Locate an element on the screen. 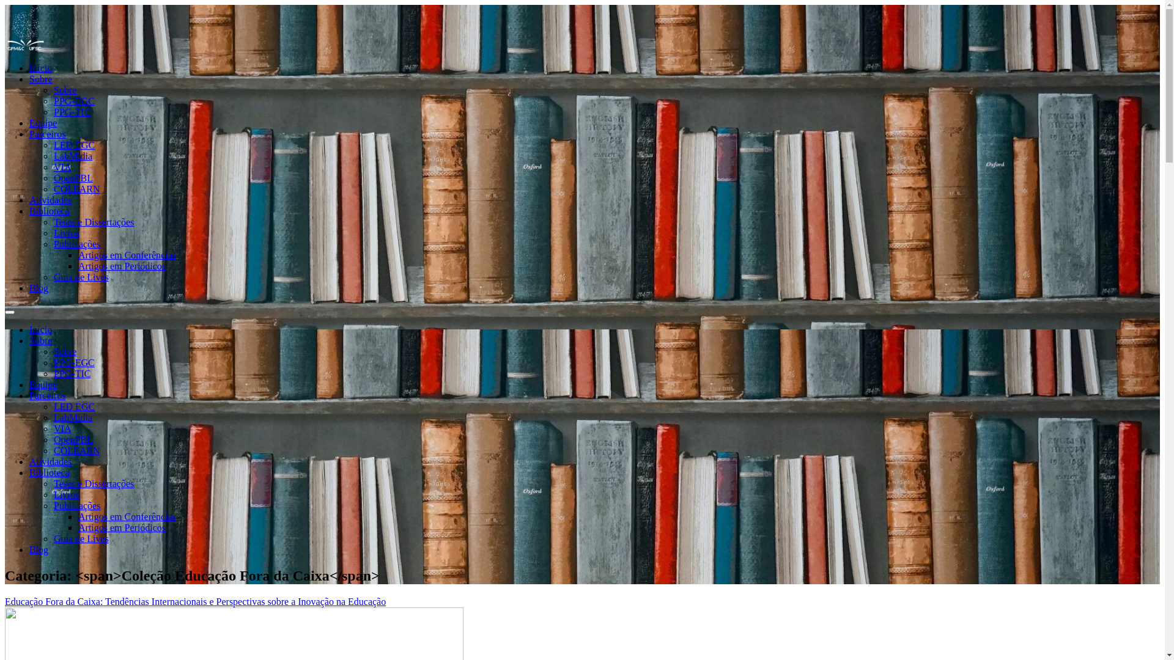 This screenshot has height=660, width=1174. 'COLEARN' is located at coordinates (76, 450).